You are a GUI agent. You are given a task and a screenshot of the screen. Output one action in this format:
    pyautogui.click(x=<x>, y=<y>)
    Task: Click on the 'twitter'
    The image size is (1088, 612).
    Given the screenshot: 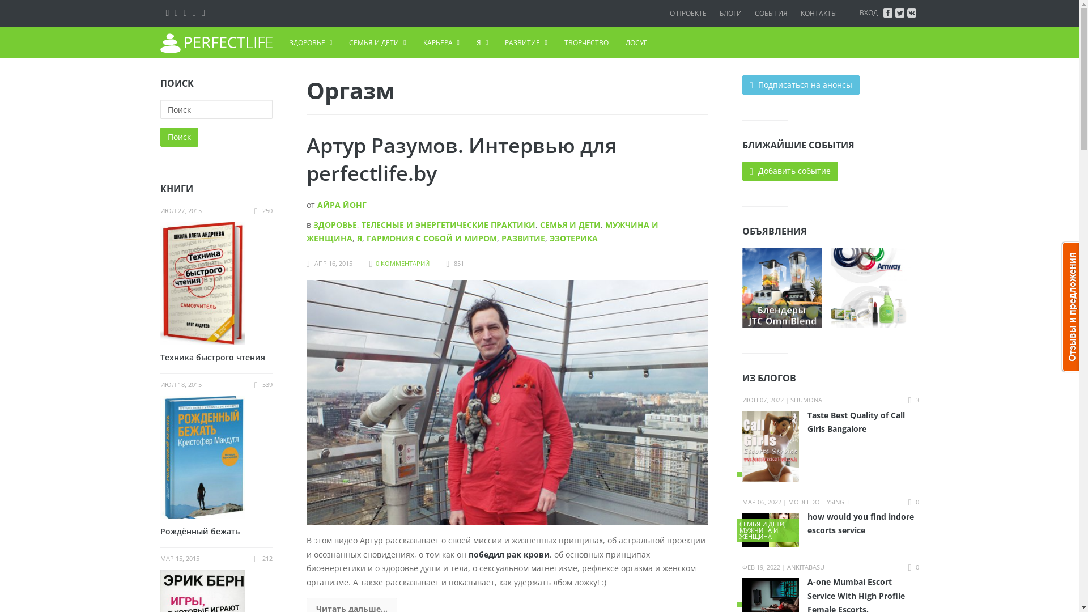 What is the action you would take?
    pyautogui.click(x=899, y=13)
    